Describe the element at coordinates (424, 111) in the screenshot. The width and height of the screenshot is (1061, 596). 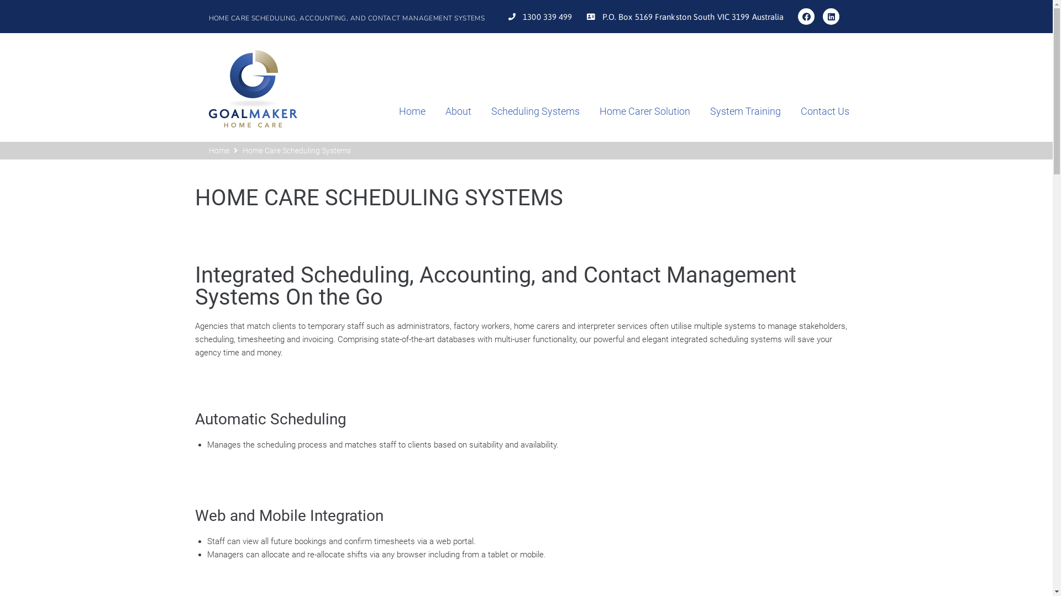
I see `'About'` at that location.